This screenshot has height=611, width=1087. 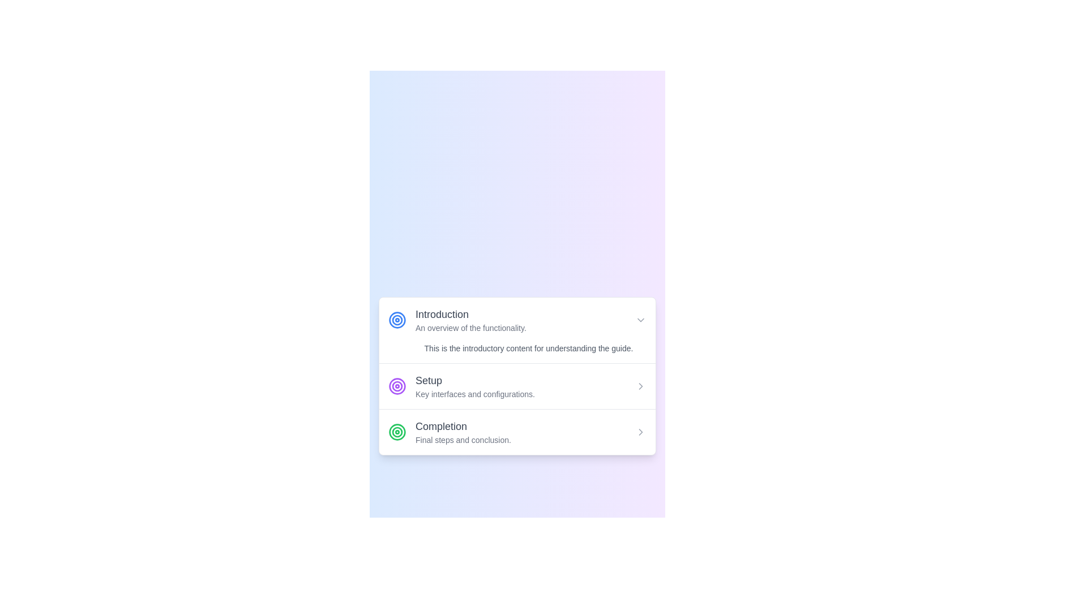 I want to click on the Text Block element that serves as a title and subtitle pairing, located to the right of a circular target-like icon at the top of a vertically-stacked list, so click(x=470, y=320).